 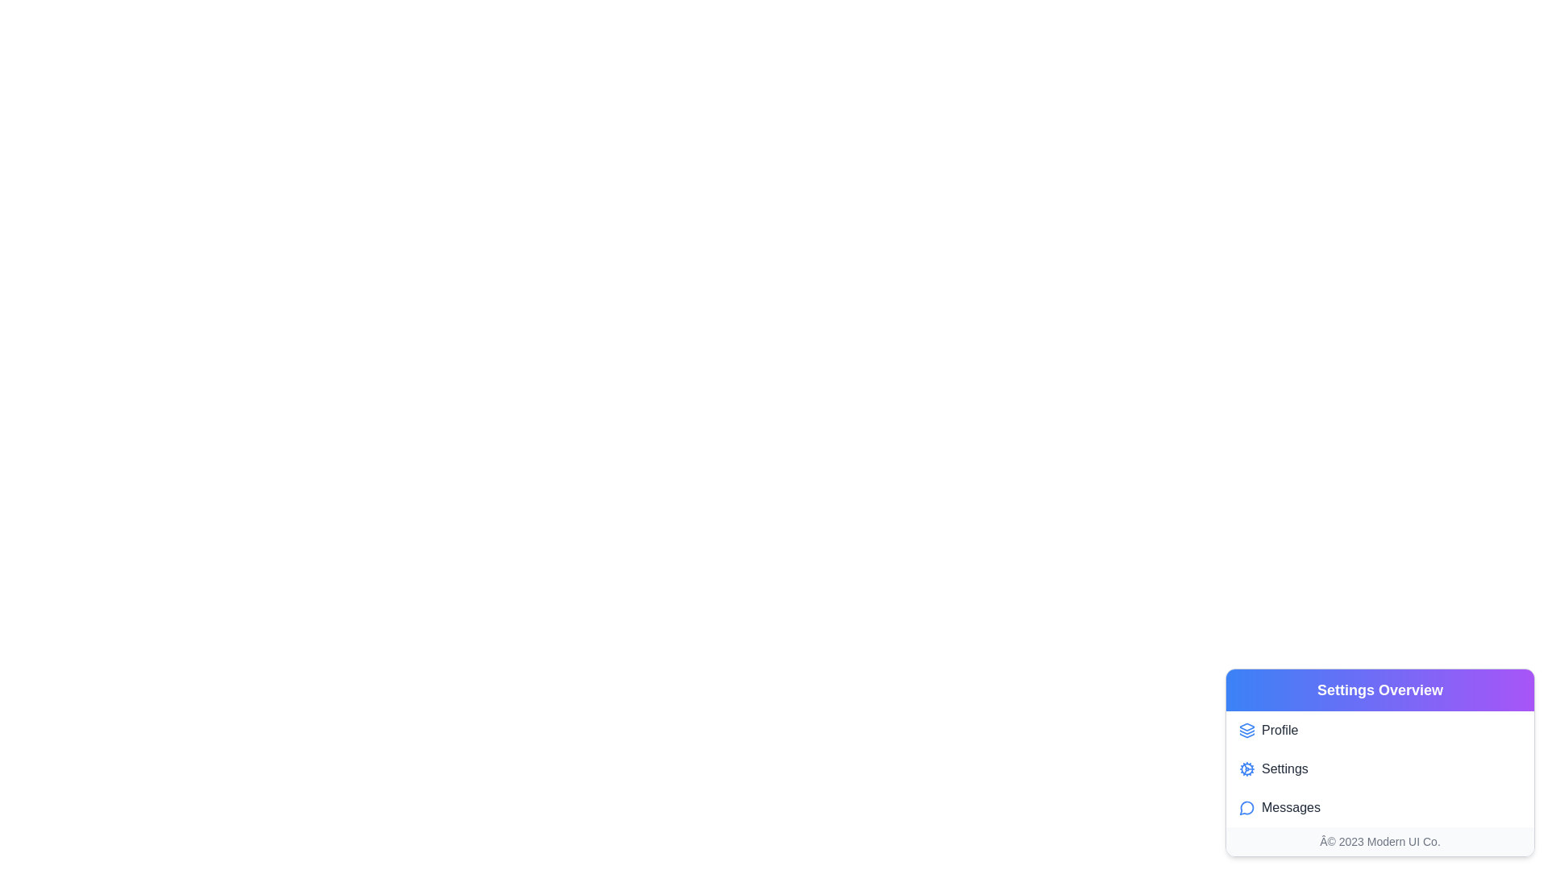 What do you see at coordinates (1279, 730) in the screenshot?
I see `the 'Profile' text label, which is the first item in the vertical list of options under the 'Settings Overview' heading, displayed in grayish-black font on a light blue background` at bounding box center [1279, 730].